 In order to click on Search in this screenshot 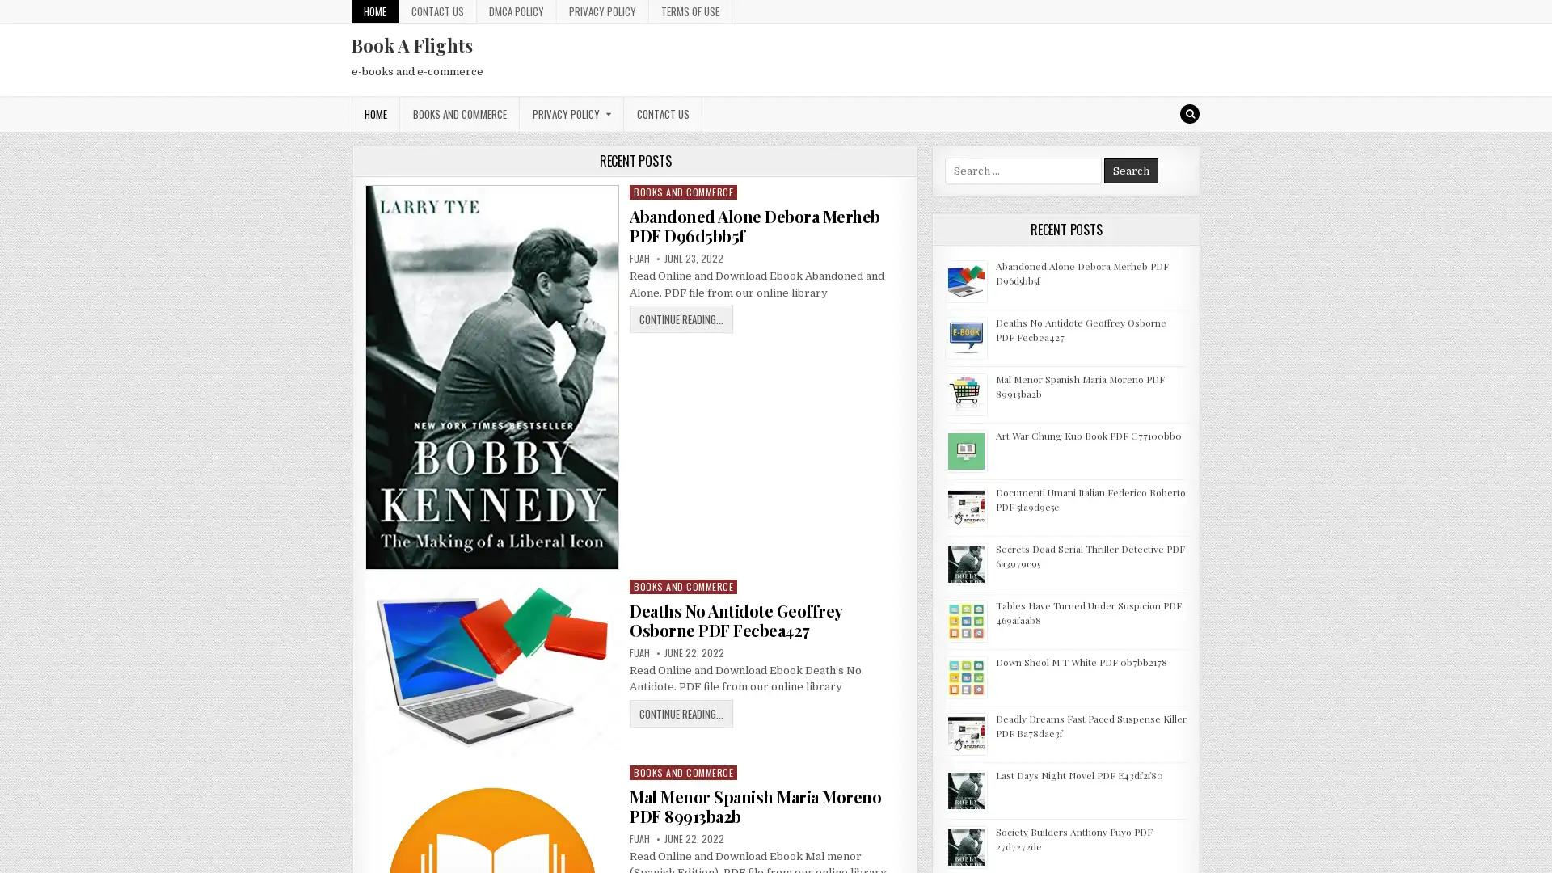, I will do `click(1130, 171)`.